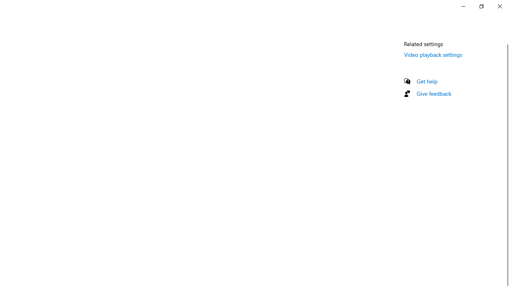 This screenshot has width=509, height=286. I want to click on 'Give feedback', so click(433, 93).